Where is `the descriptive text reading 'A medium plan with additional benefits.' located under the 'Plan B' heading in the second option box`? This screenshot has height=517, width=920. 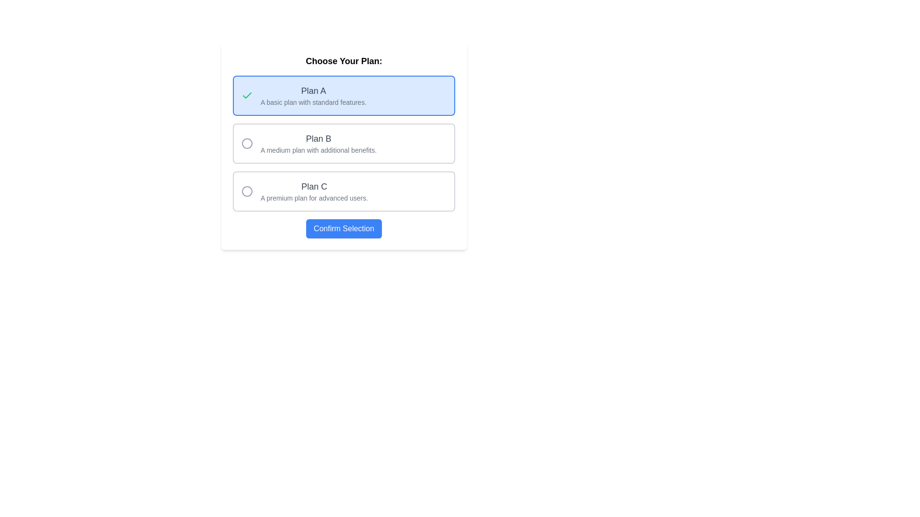 the descriptive text reading 'A medium plan with additional benefits.' located under the 'Plan B' heading in the second option box is located at coordinates (319, 150).